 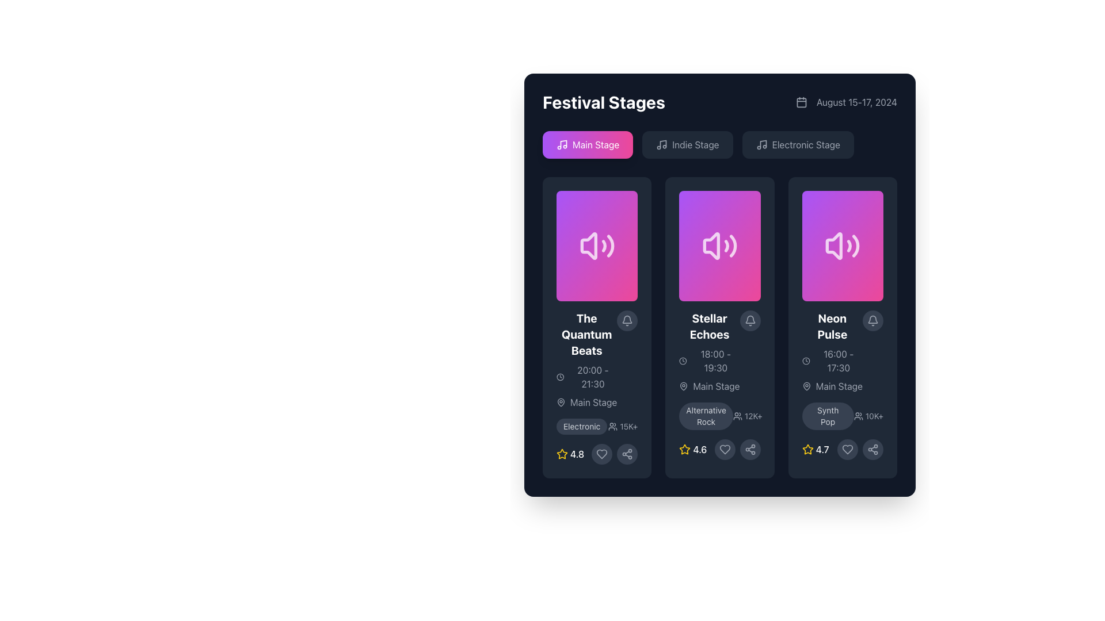 I want to click on the timestamp element displaying '18:00 - 19:30' with a small clock icon, located within the 'Stellar Echoes' event card, so click(x=709, y=361).